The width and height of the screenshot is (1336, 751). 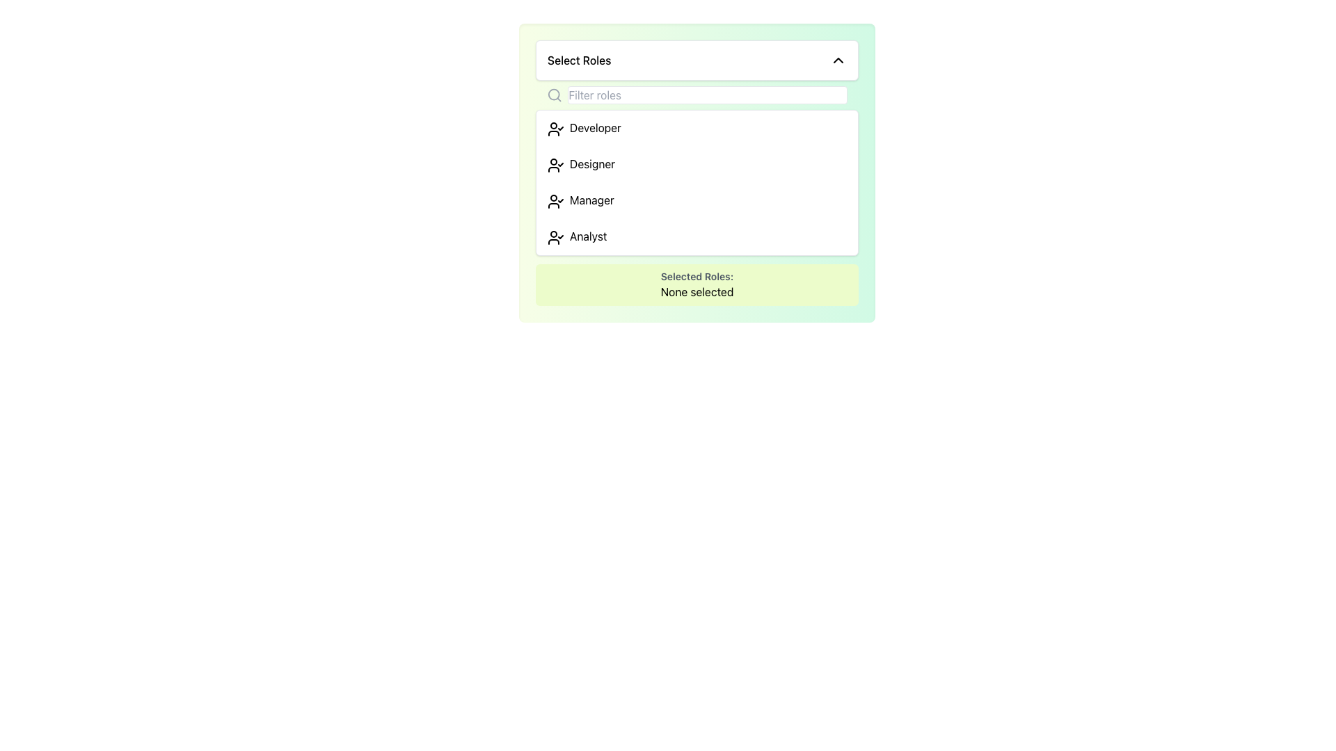 I want to click on the button used to add the 'Designer' role, located at the far right of the list item, so click(x=829, y=163).